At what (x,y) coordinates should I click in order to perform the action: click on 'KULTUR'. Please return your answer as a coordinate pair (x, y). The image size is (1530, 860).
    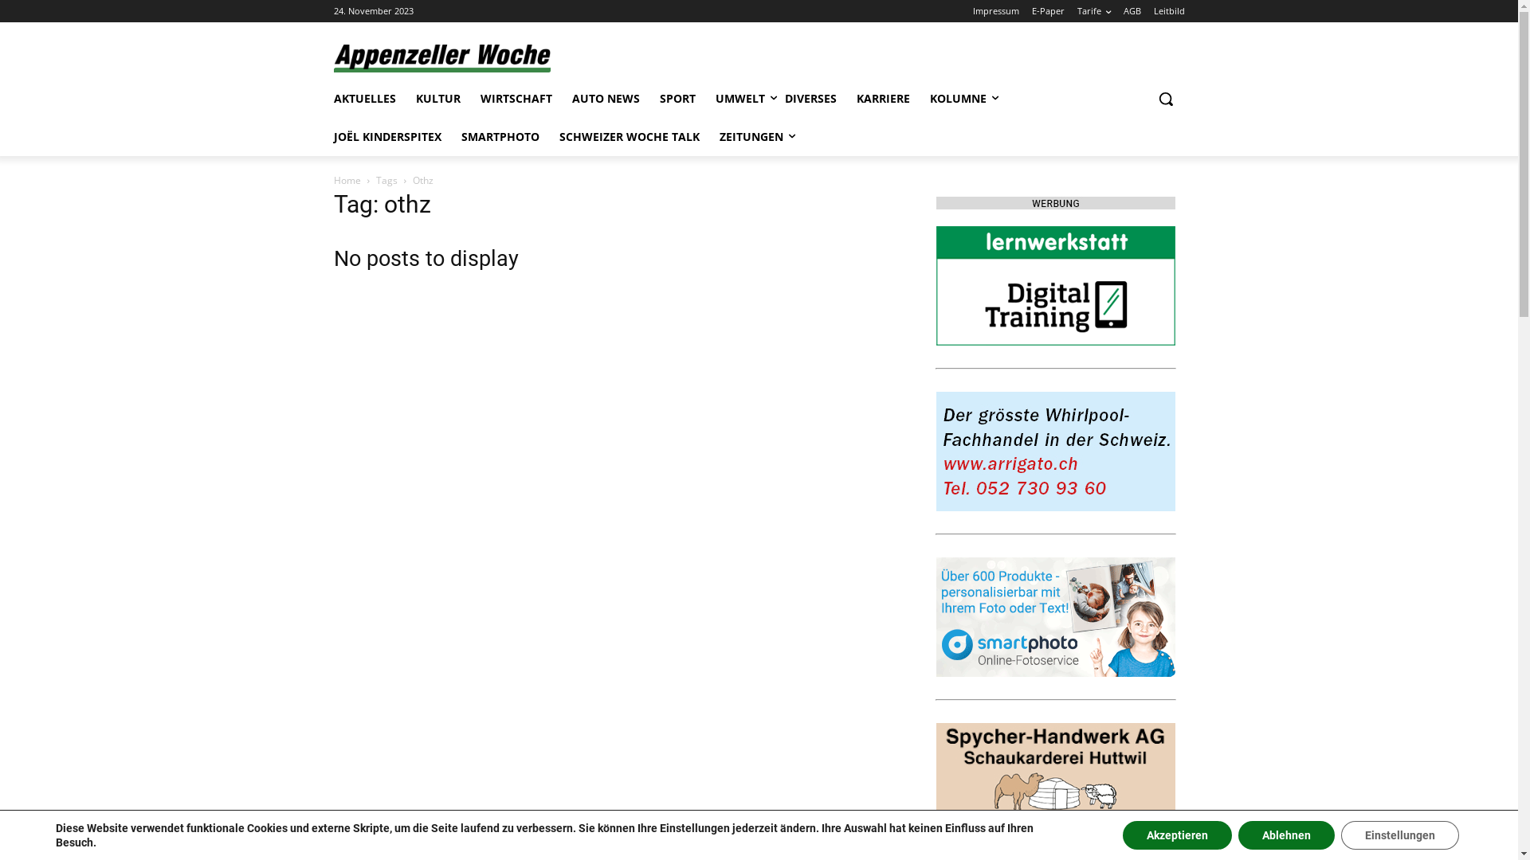
    Looking at the image, I should click on (438, 98).